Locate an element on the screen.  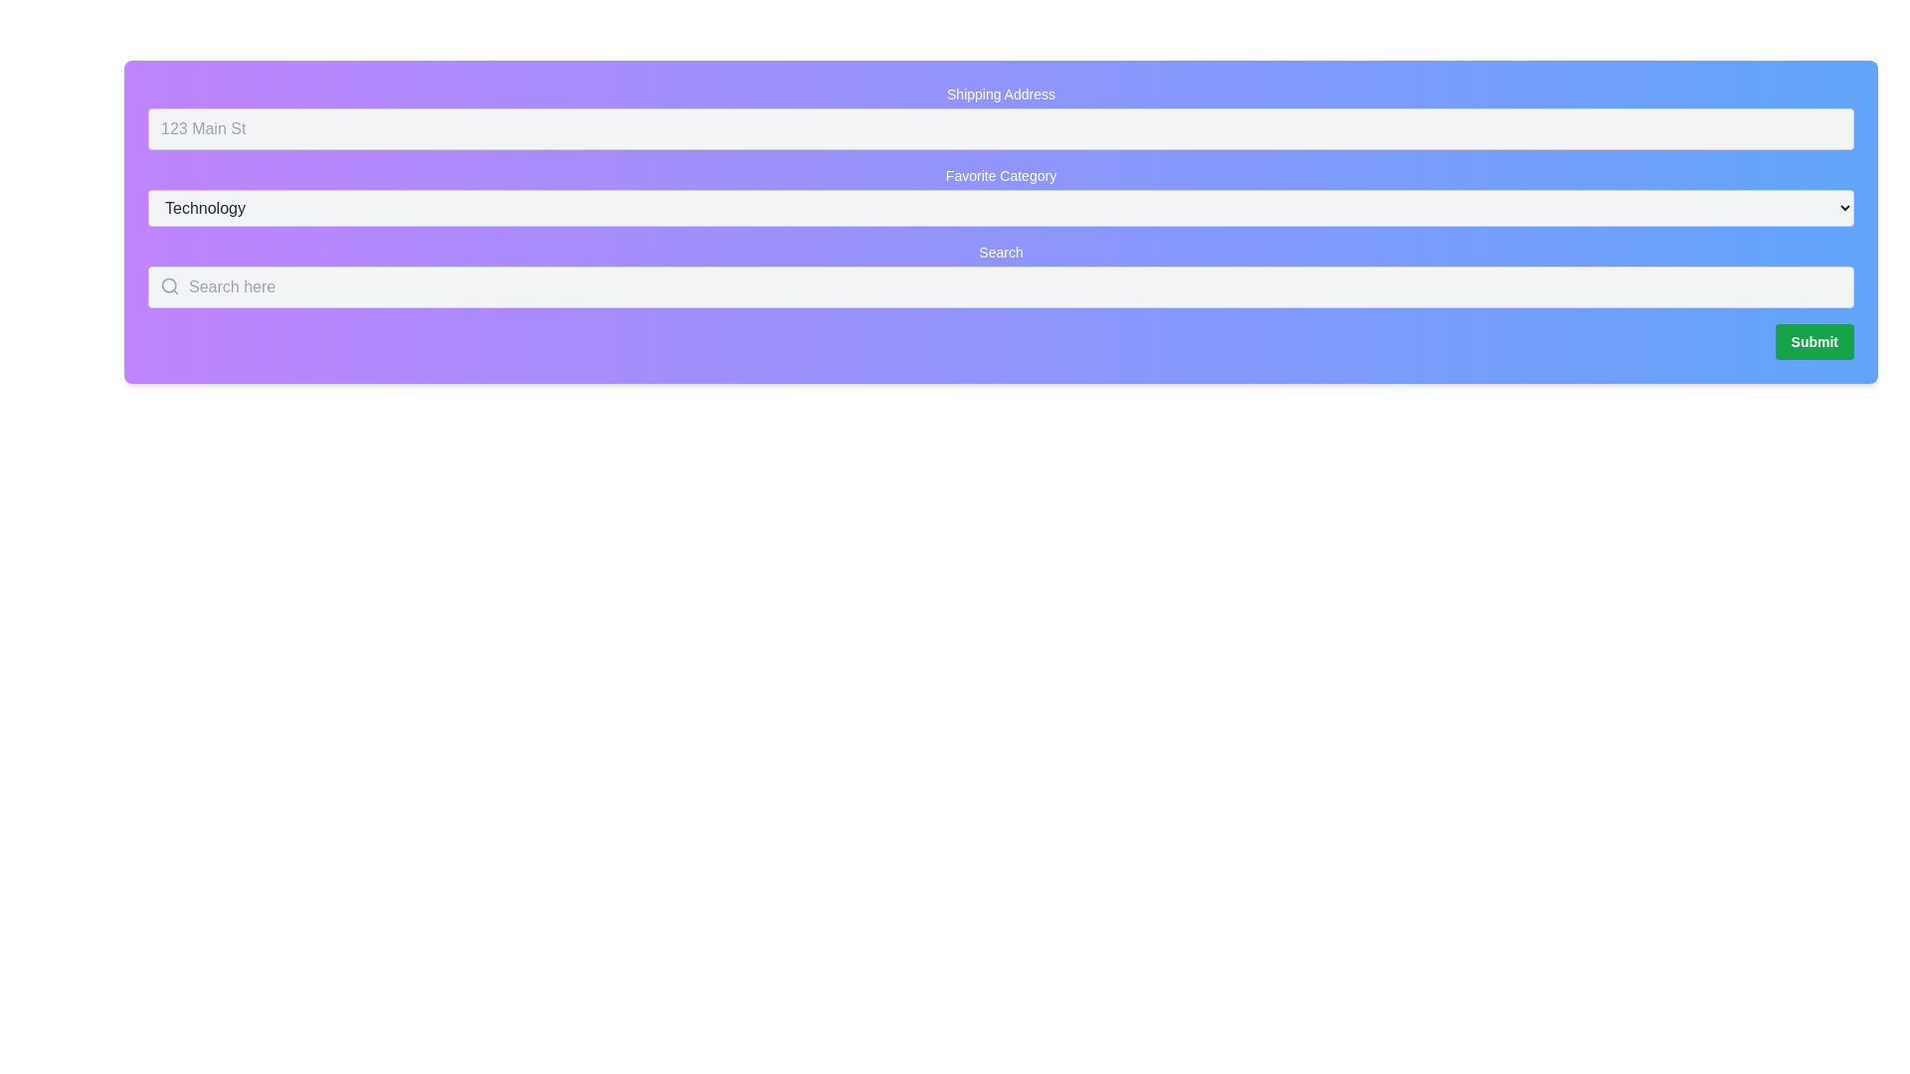
the dropdown menu labeled 'Favorite Category' is located at coordinates (1001, 196).